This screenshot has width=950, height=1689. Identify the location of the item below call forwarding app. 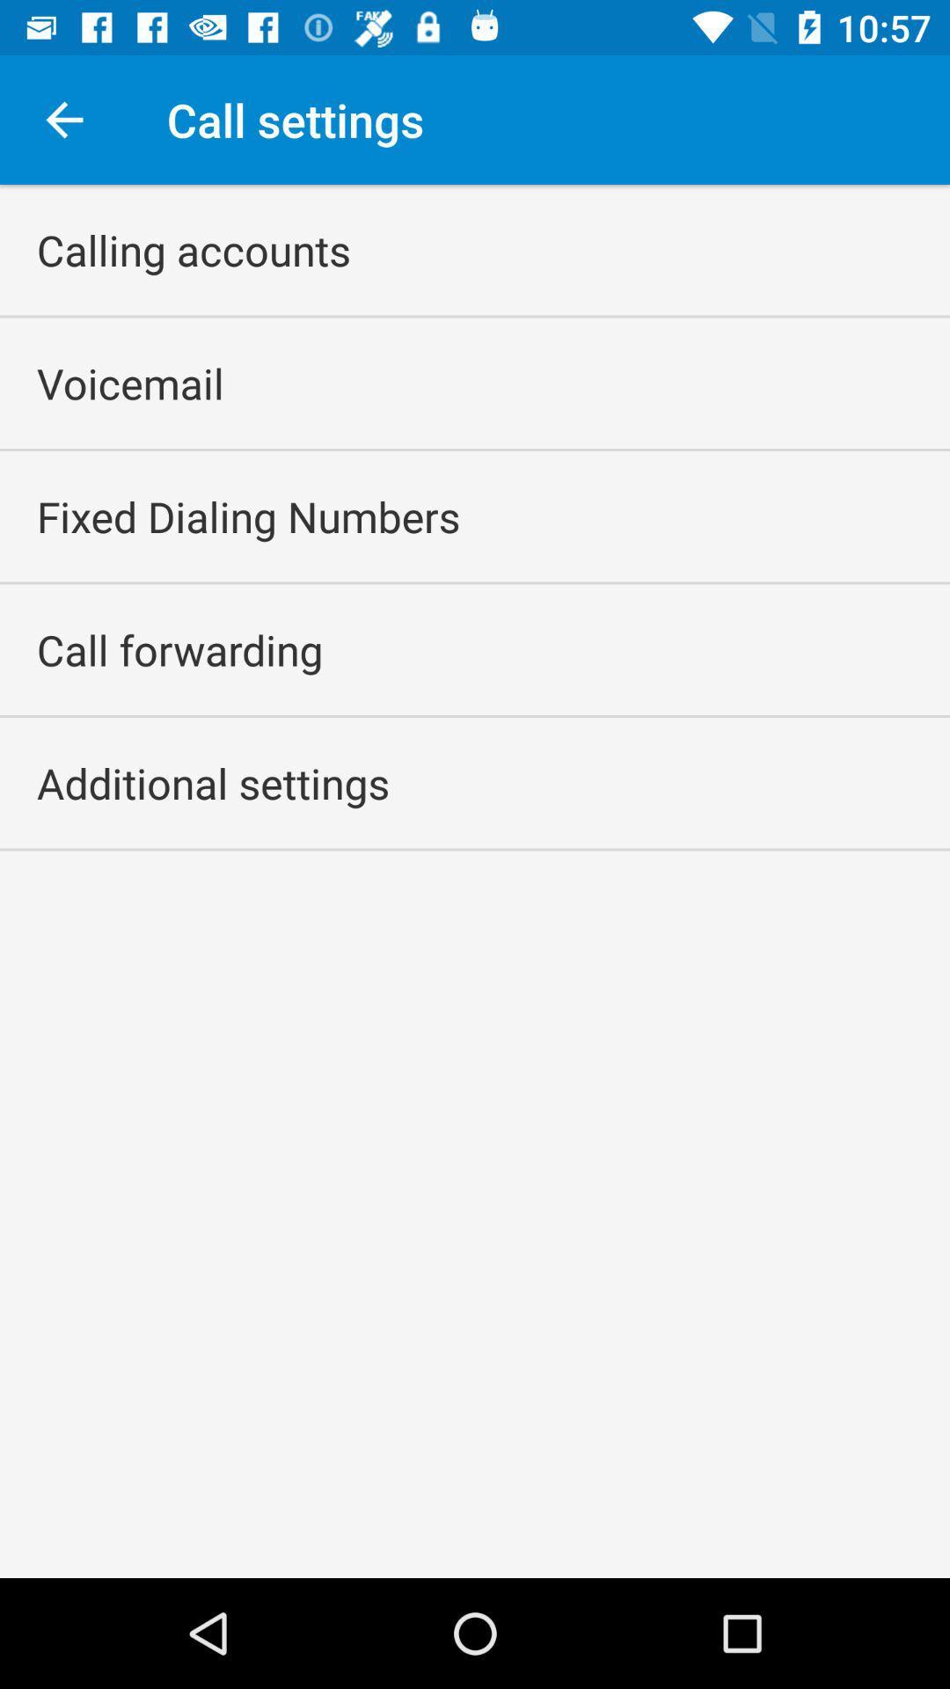
(212, 782).